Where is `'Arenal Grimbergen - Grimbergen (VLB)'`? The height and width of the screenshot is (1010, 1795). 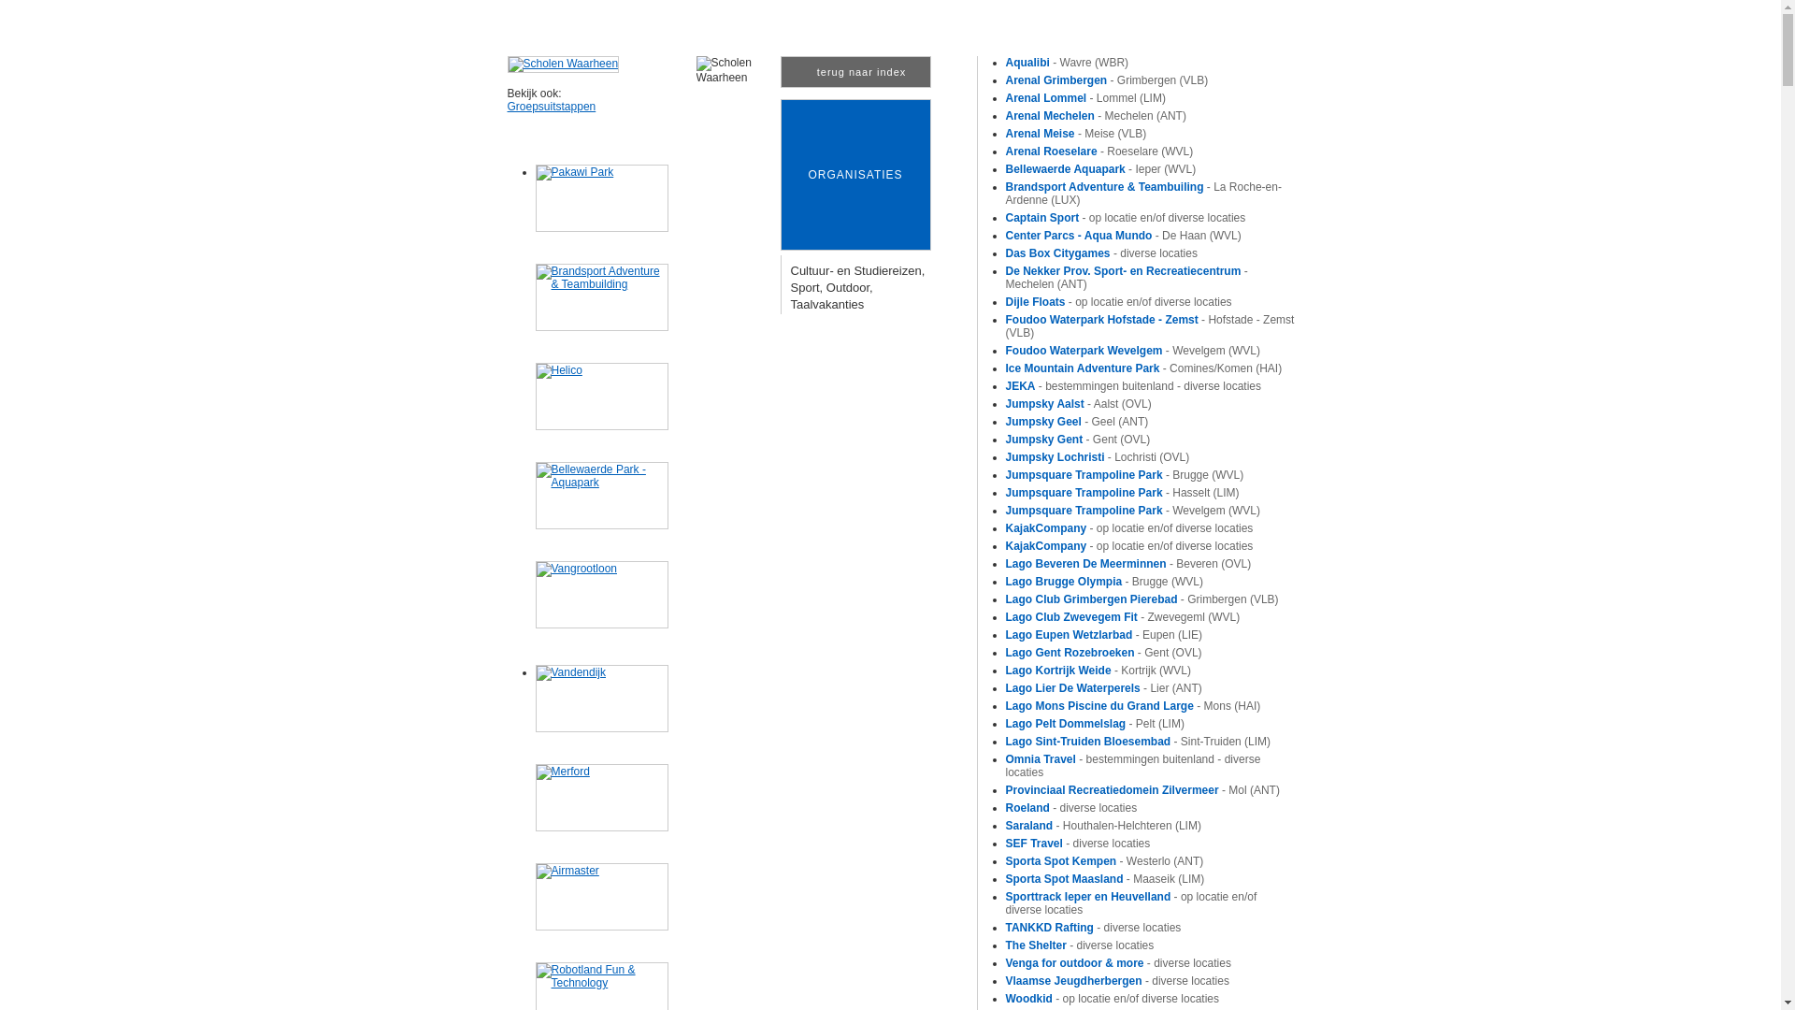 'Arenal Grimbergen - Grimbergen (VLB)' is located at coordinates (1107, 79).